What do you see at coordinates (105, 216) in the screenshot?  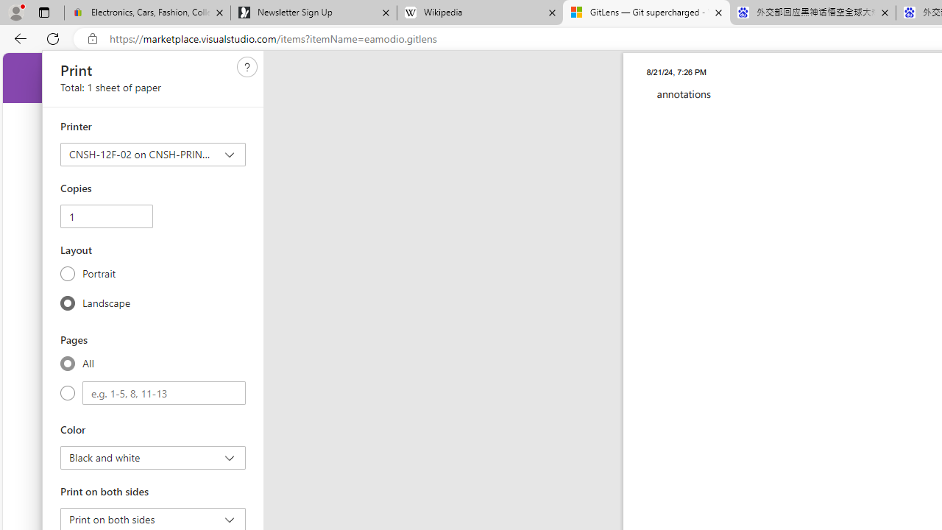 I see `'Copies'` at bounding box center [105, 216].